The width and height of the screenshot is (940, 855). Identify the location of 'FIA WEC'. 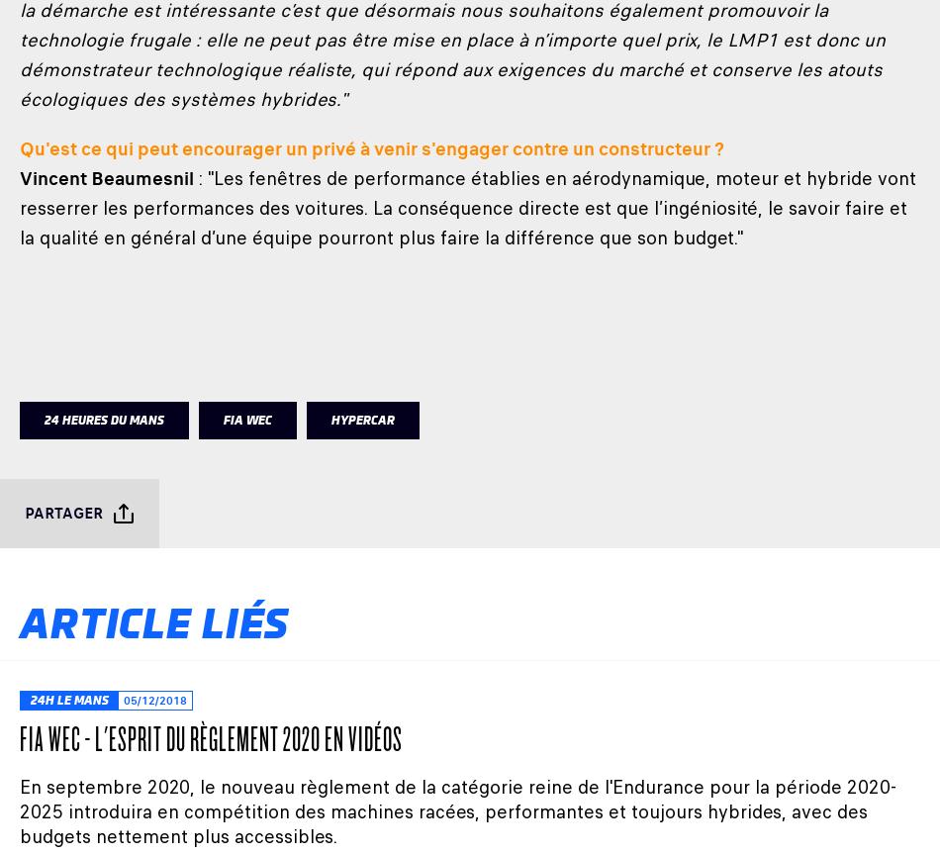
(246, 420).